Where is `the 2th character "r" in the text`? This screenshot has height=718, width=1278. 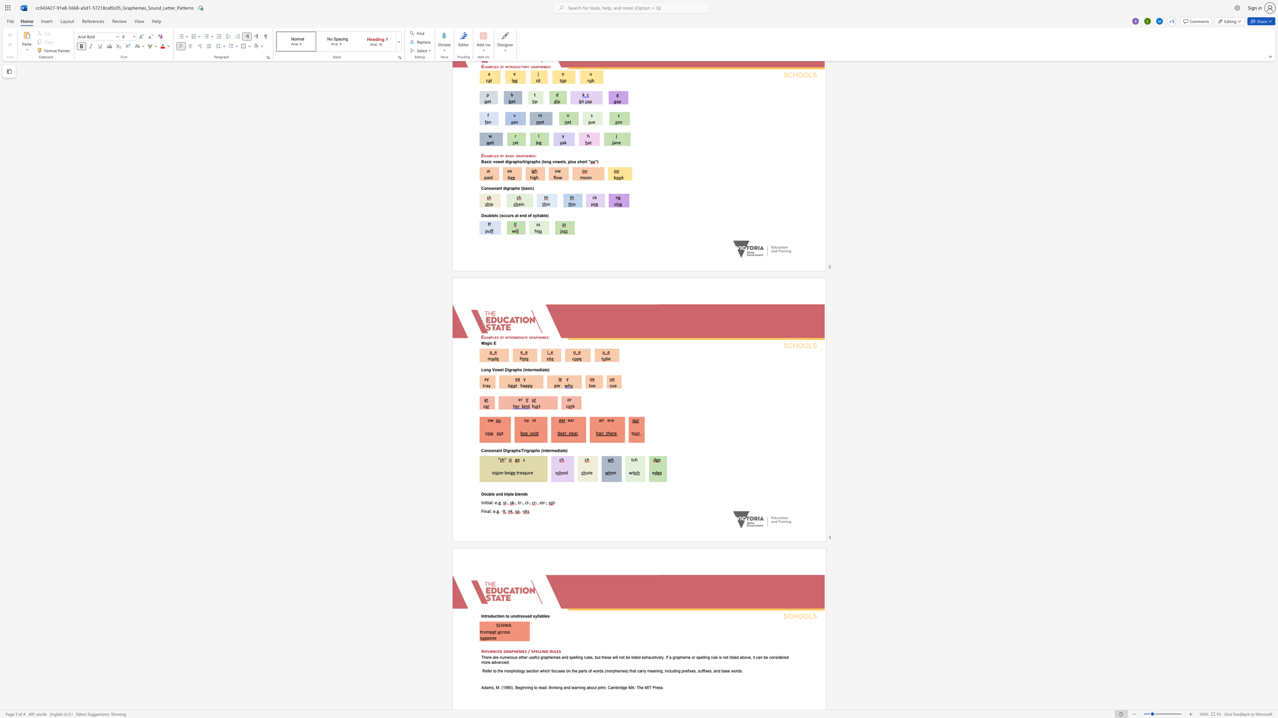 the 2th character "r" in the text is located at coordinates (610, 420).